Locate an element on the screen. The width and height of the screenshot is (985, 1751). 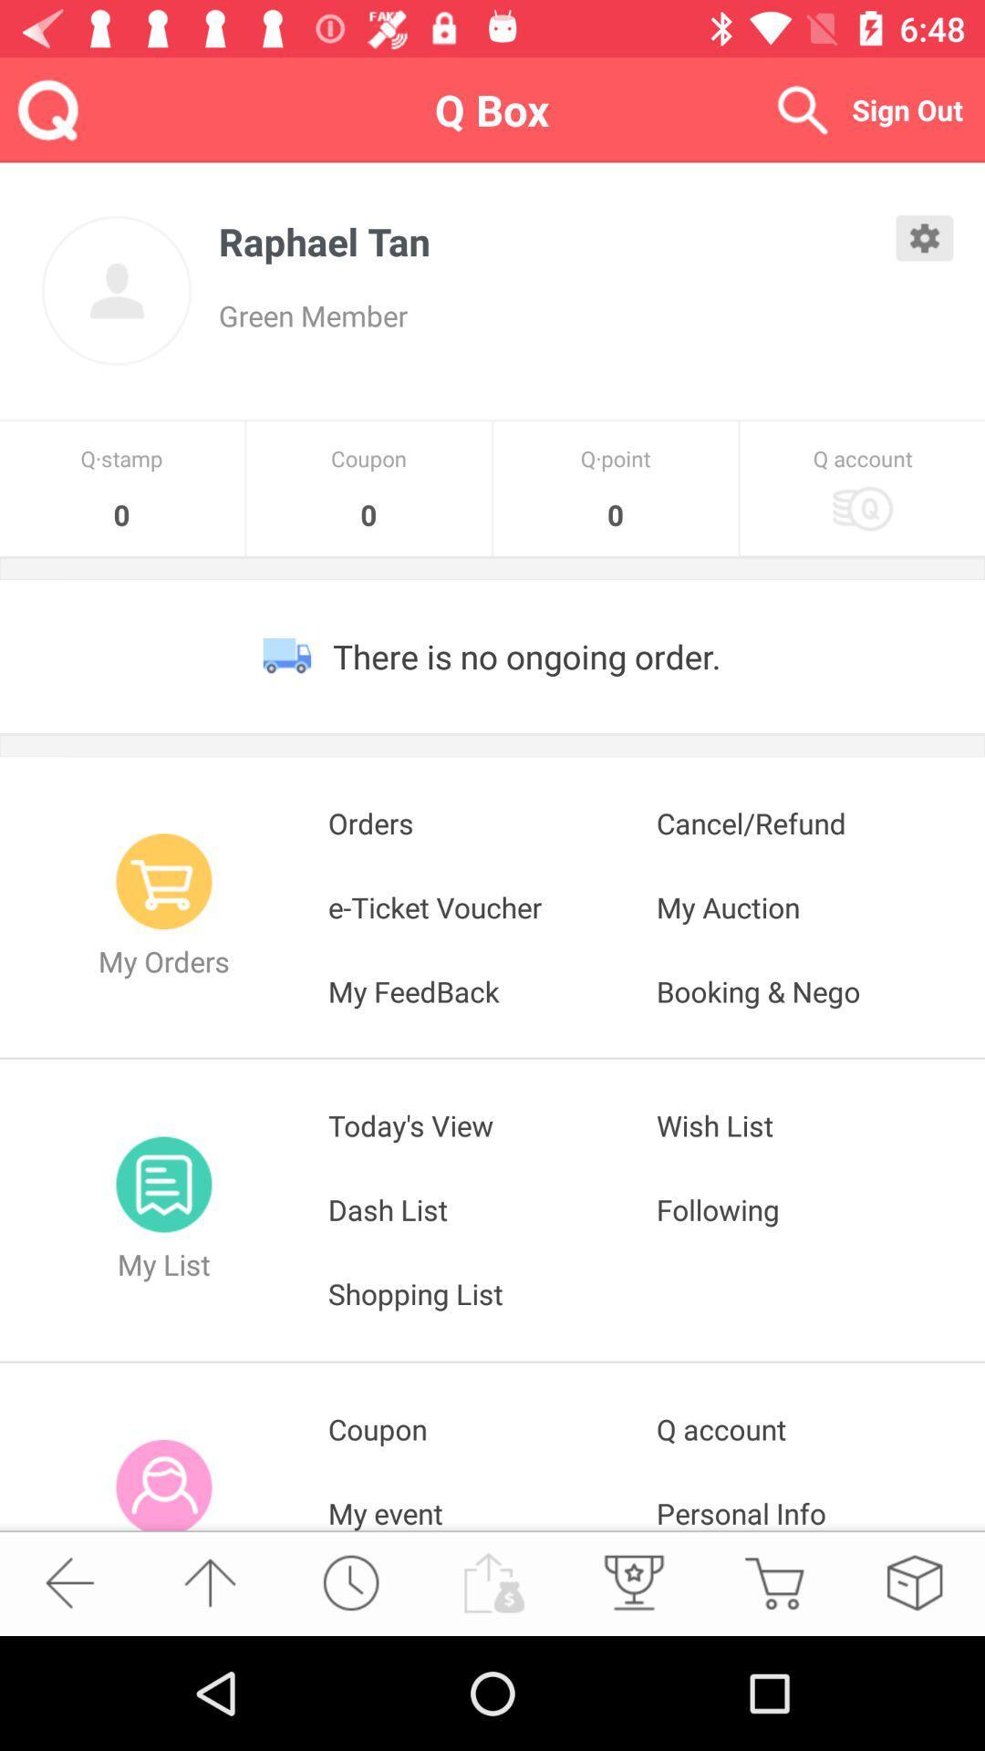
go top is located at coordinates (209, 1581).